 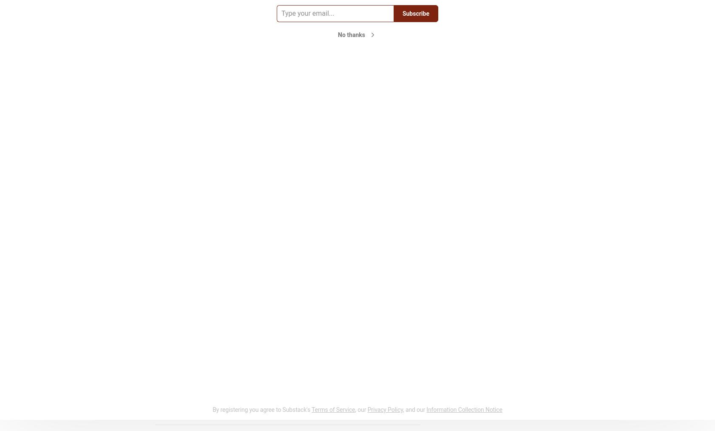 What do you see at coordinates (261, 409) in the screenshot?
I see `'By registering you agree to Substack's'` at bounding box center [261, 409].